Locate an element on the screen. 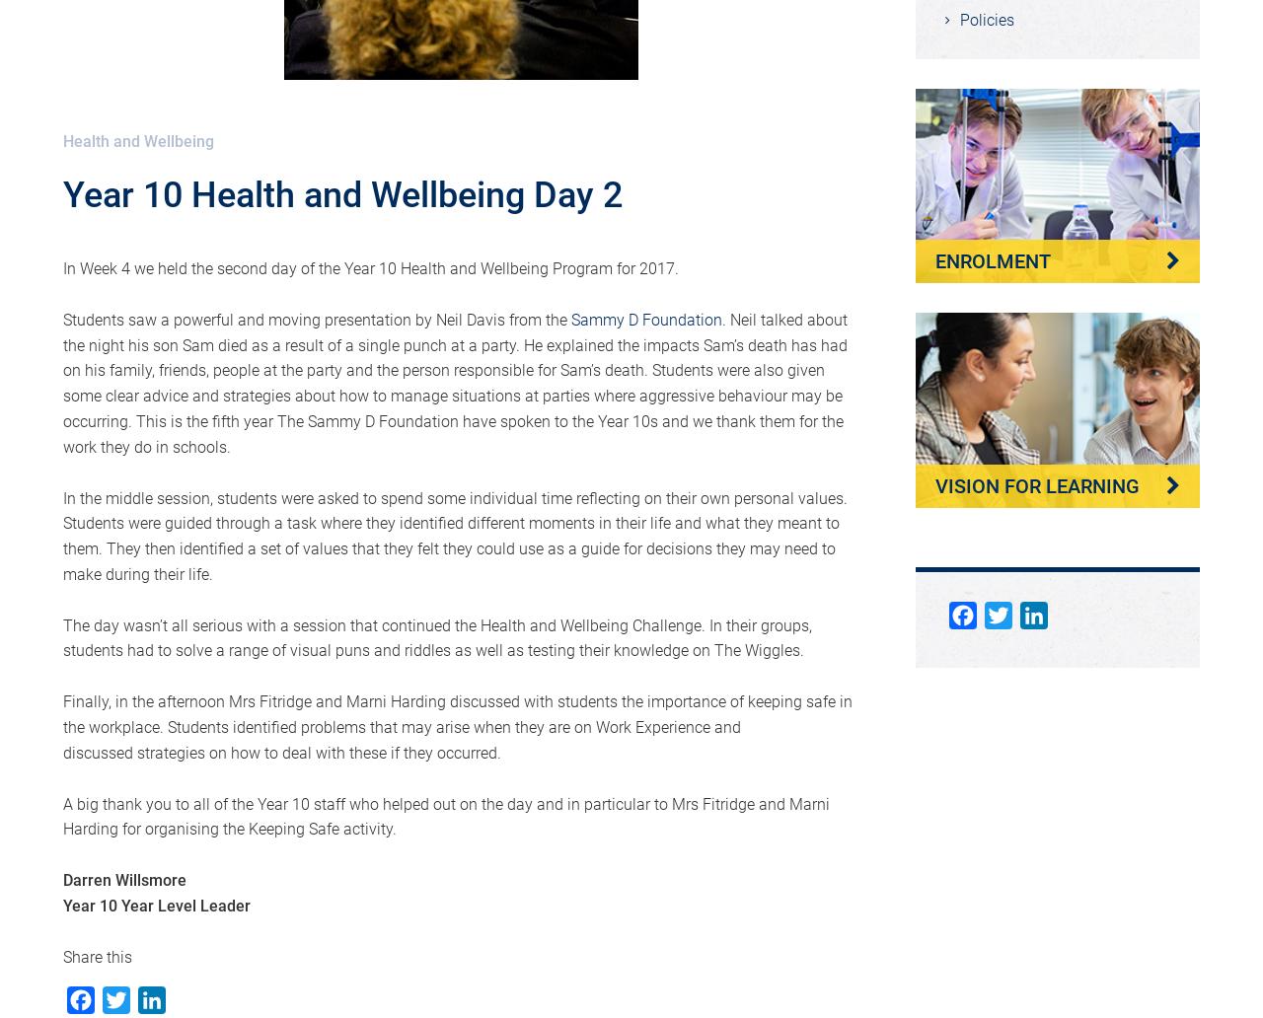 Image resolution: width=1263 pixels, height=1018 pixels. 'In Week 4 we held the second day of the Year 10 Health and Wellbeing Program for 2017.' is located at coordinates (371, 268).